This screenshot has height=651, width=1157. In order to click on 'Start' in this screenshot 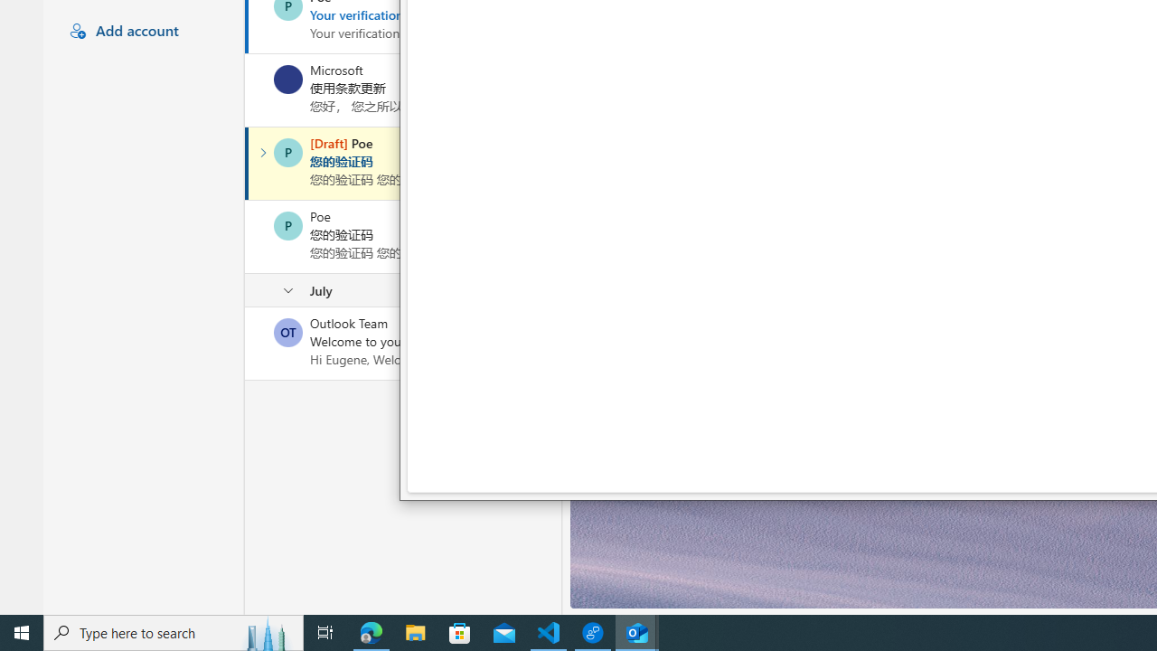, I will do `click(22, 631)`.